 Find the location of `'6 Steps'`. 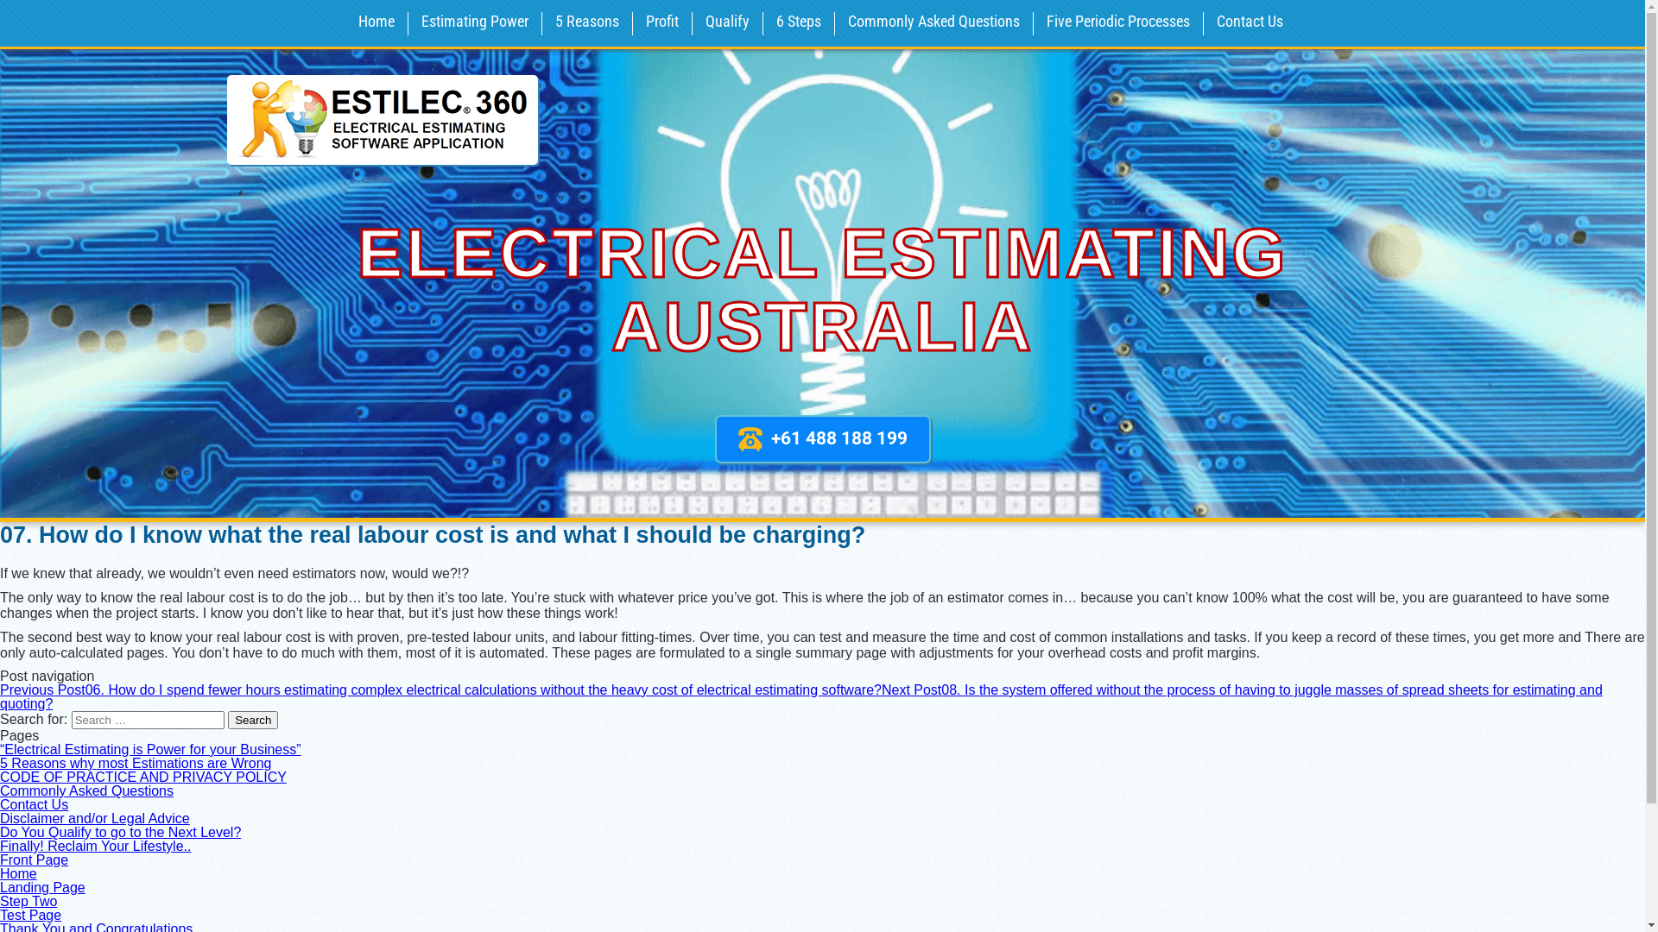

'6 Steps' is located at coordinates (798, 23).